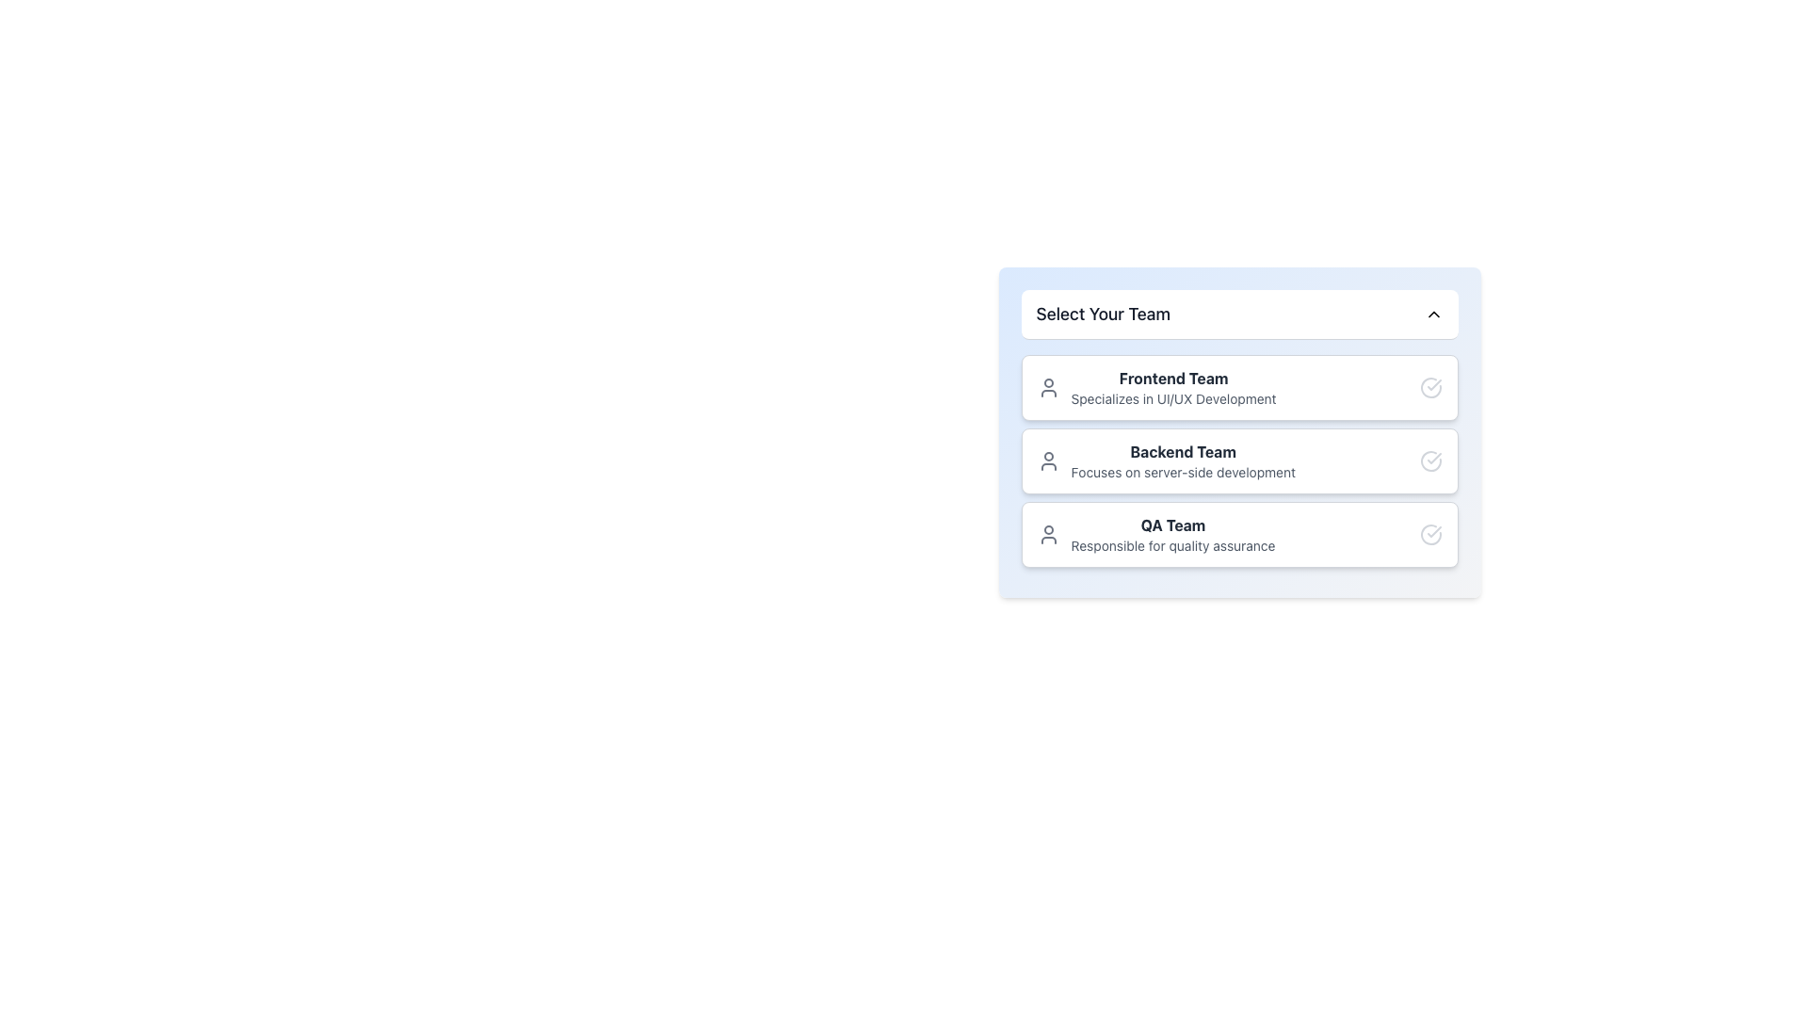 The image size is (1808, 1017). Describe the element at coordinates (1430, 387) in the screenshot. I see `the success icon representing the 'Frontend Team' located to the right of the 'Specializes in UI/UX Development' text` at that location.